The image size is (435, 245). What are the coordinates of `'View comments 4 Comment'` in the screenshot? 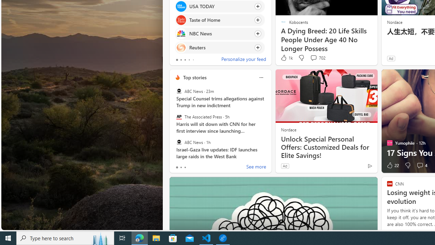 It's located at (421, 165).